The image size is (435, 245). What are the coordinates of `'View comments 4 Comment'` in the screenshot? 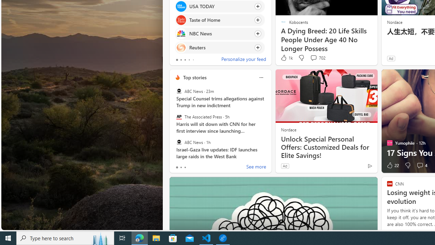 It's located at (421, 165).